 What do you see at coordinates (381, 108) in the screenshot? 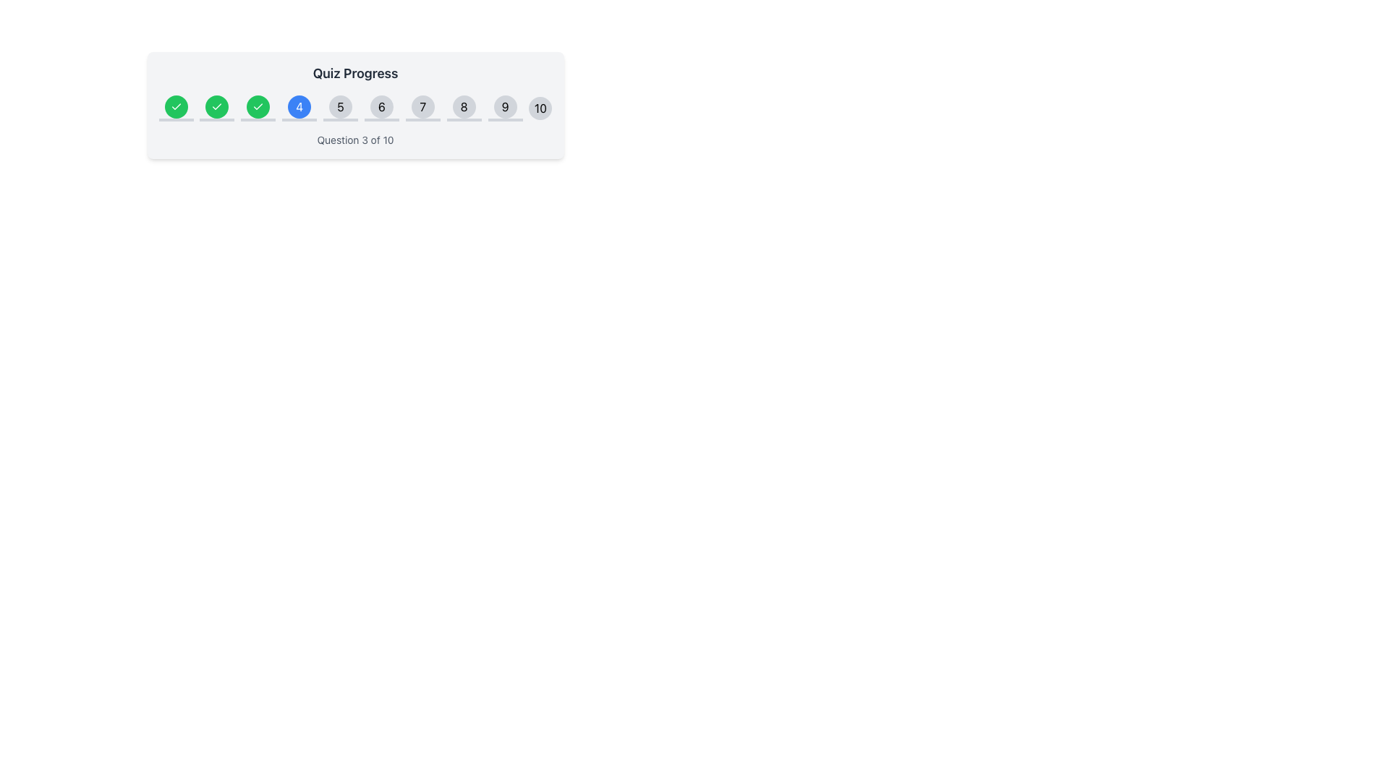
I see `the circular Step indicator button labeled '6'` at bounding box center [381, 108].